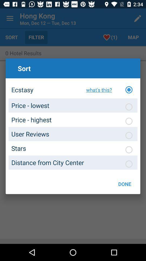  Describe the element at coordinates (128, 135) in the screenshot. I see `choose your choice` at that location.